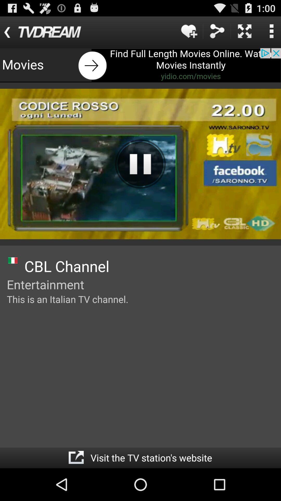 The height and width of the screenshot is (501, 281). I want to click on the share icon, so click(217, 33).